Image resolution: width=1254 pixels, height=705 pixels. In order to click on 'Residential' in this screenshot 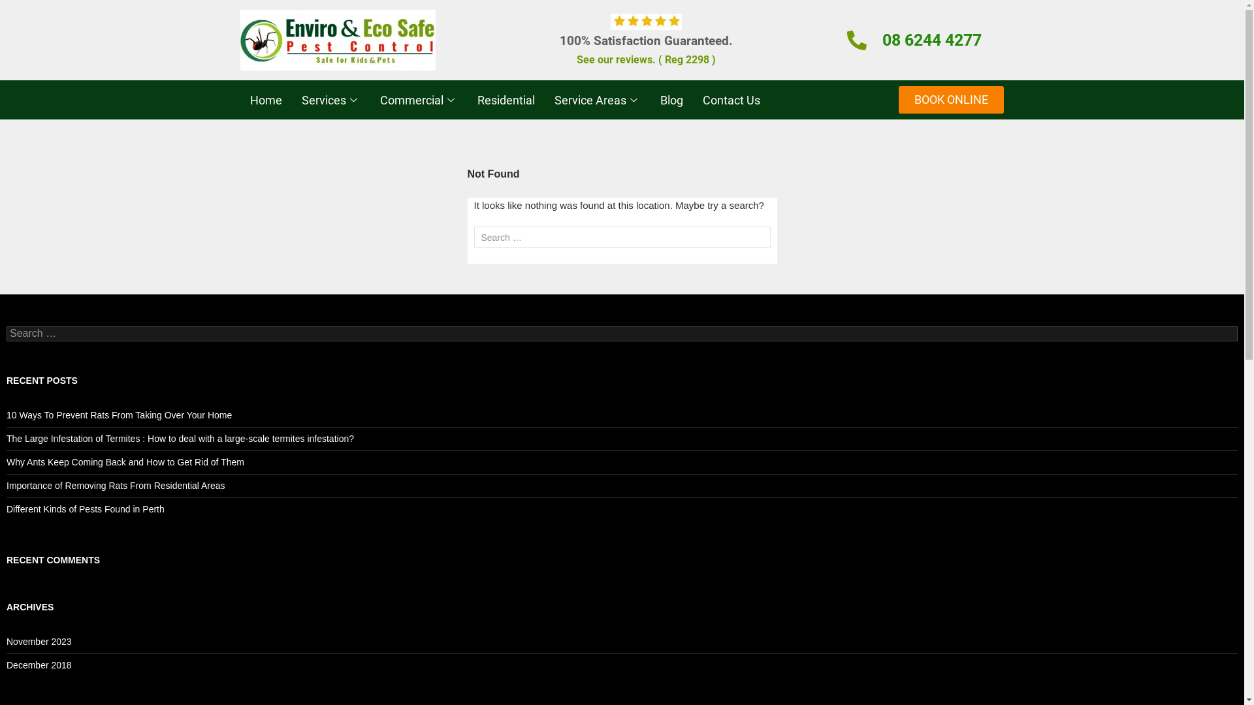, I will do `click(505, 99)`.